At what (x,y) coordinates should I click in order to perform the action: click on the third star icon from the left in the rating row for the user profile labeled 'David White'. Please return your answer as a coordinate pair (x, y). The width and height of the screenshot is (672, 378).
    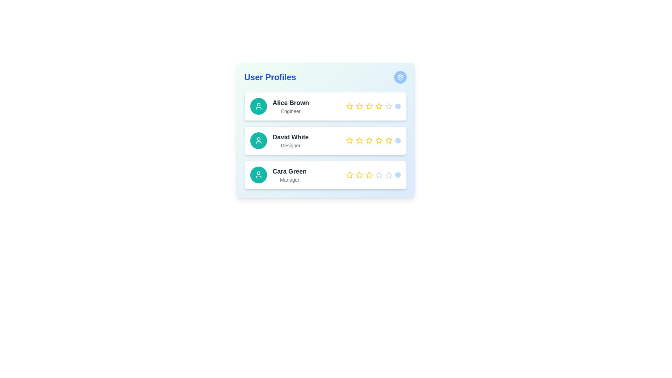
    Looking at the image, I should click on (369, 140).